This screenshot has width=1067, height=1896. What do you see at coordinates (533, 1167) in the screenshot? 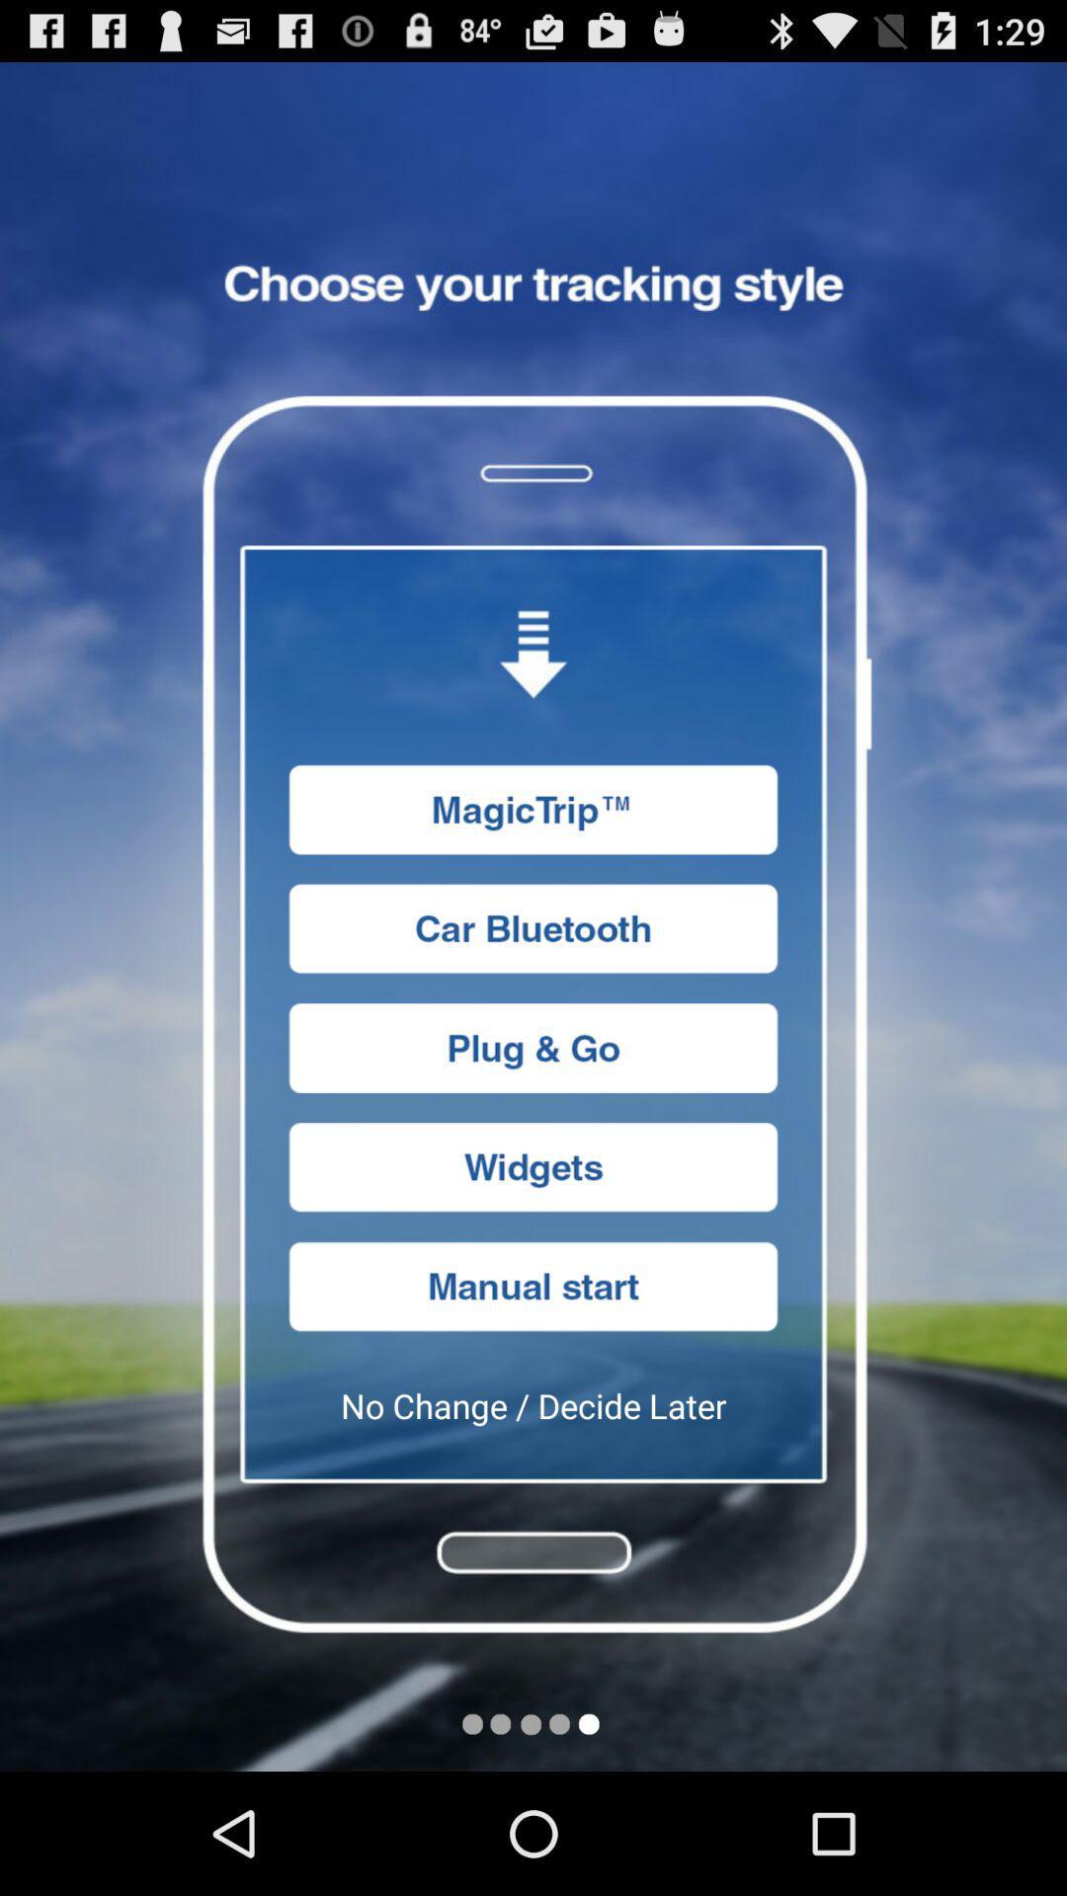
I see `widgets button` at bounding box center [533, 1167].